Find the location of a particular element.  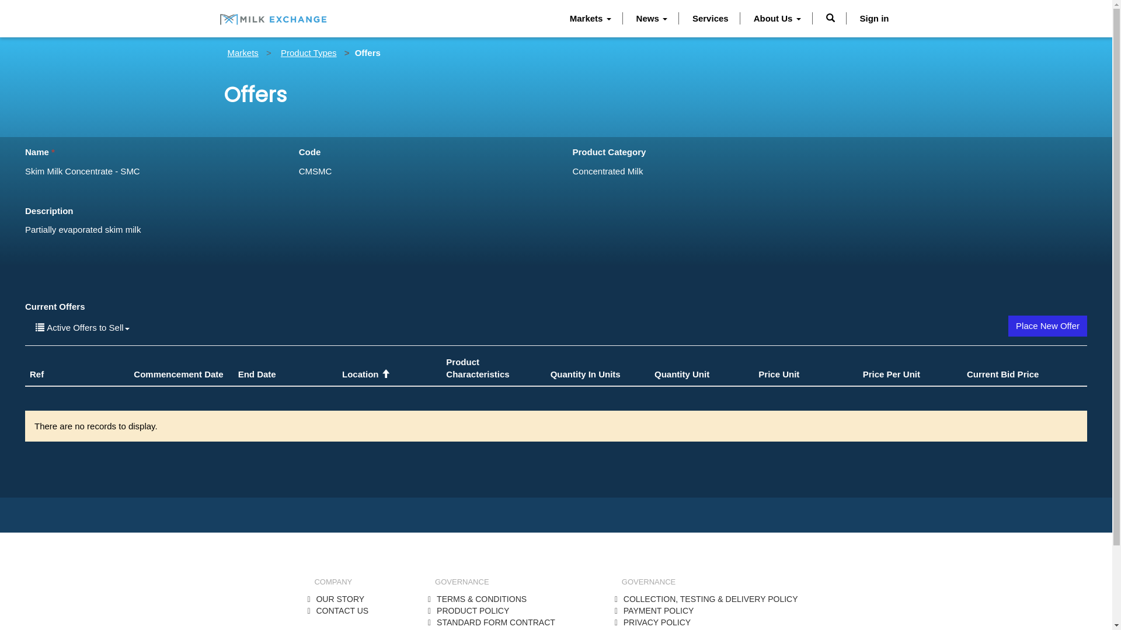

'Price Per Unit is located at coordinates (890, 374).